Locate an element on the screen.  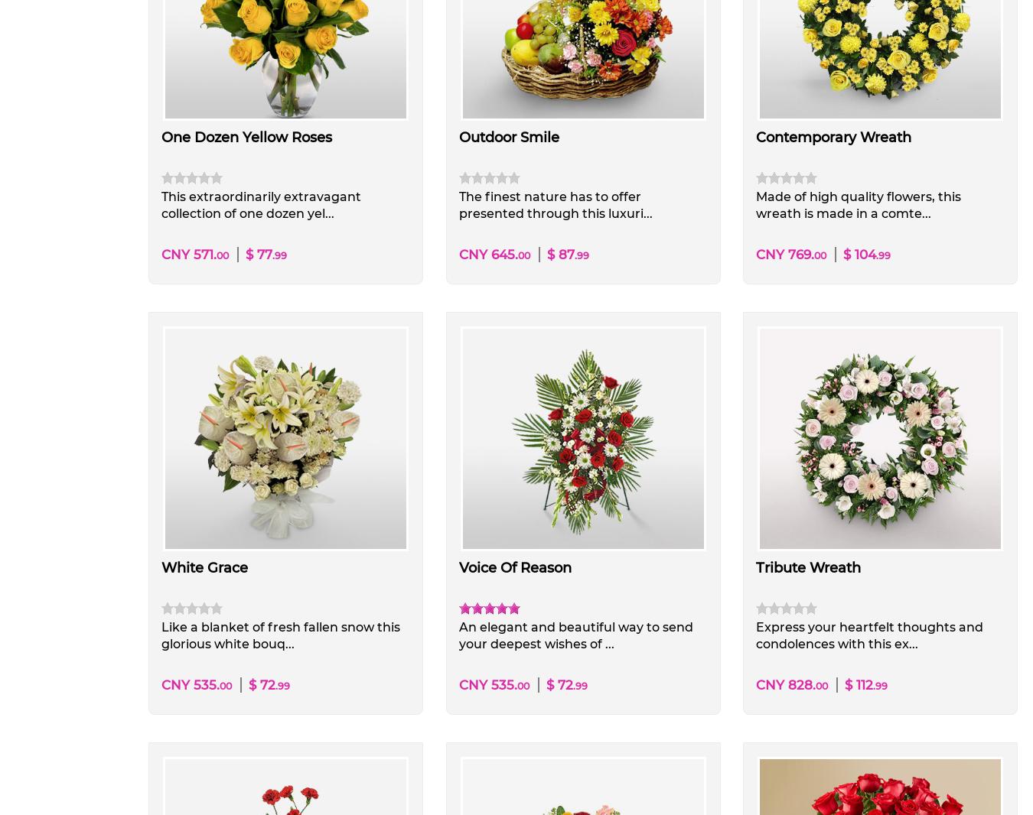
'Express your heartfelt thoughts and condolences with this ex...' is located at coordinates (868, 635).